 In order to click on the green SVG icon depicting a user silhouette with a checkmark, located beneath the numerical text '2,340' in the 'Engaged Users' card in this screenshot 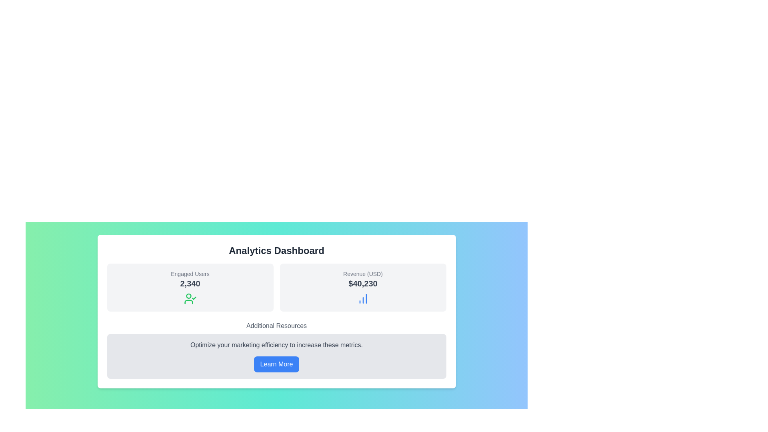, I will do `click(190, 299)`.